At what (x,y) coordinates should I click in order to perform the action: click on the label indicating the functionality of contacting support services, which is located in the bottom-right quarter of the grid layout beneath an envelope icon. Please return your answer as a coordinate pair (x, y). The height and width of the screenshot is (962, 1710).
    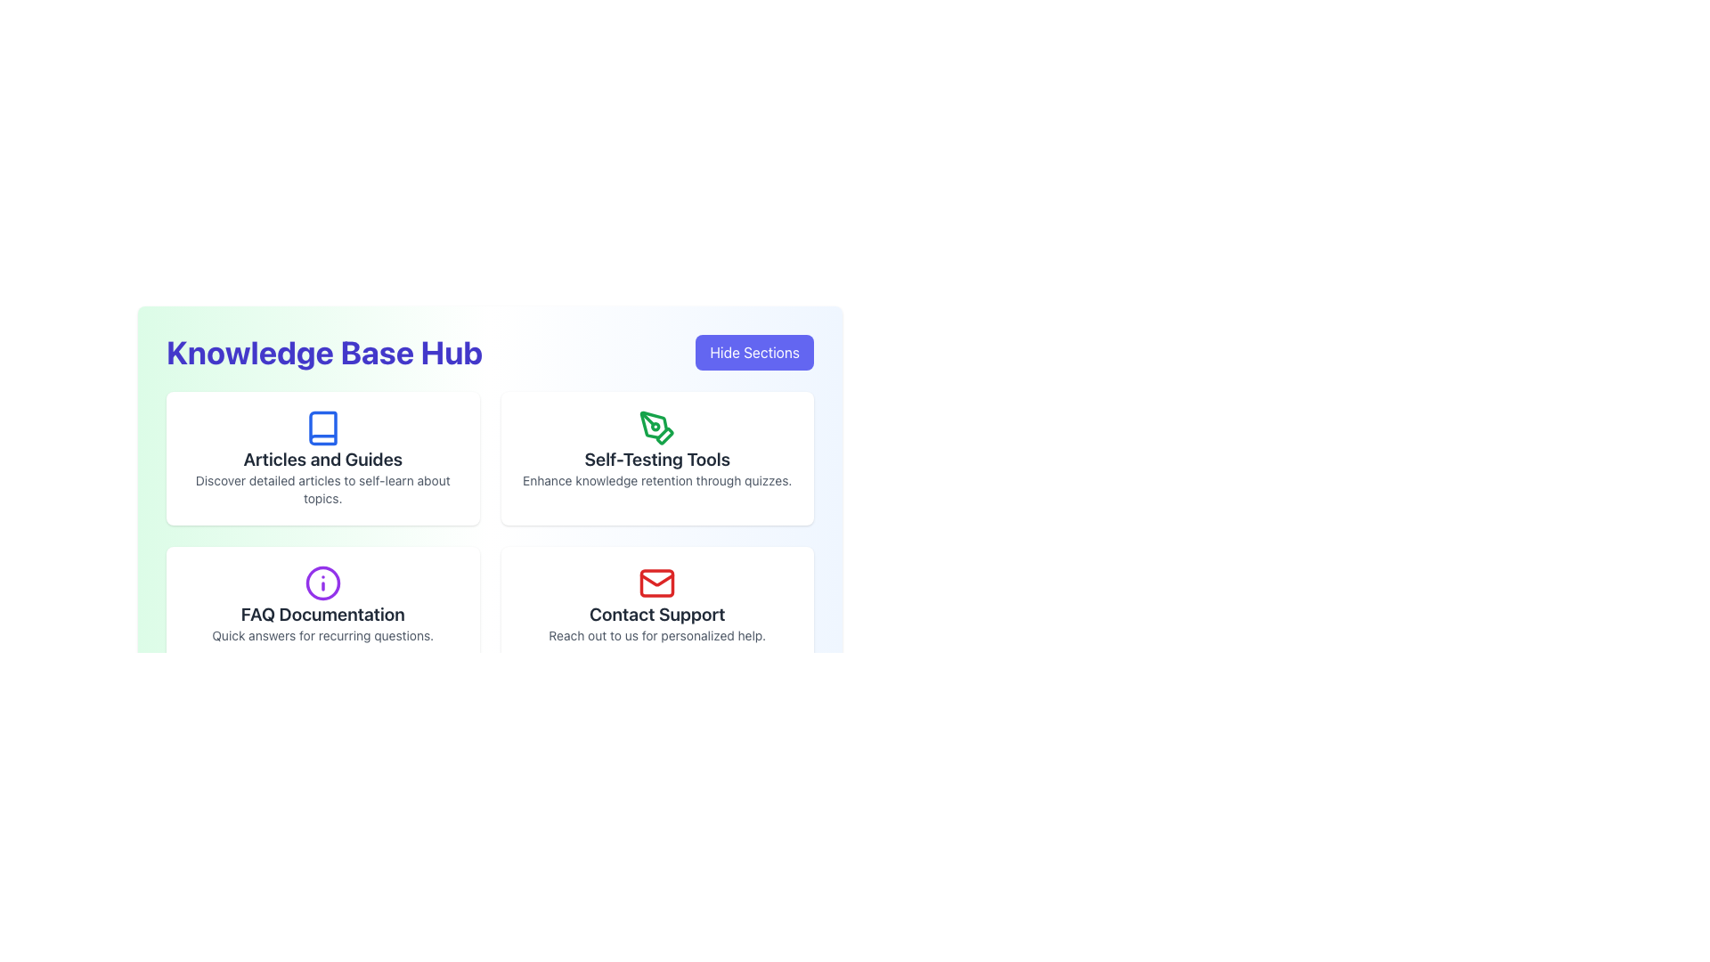
    Looking at the image, I should click on (656, 614).